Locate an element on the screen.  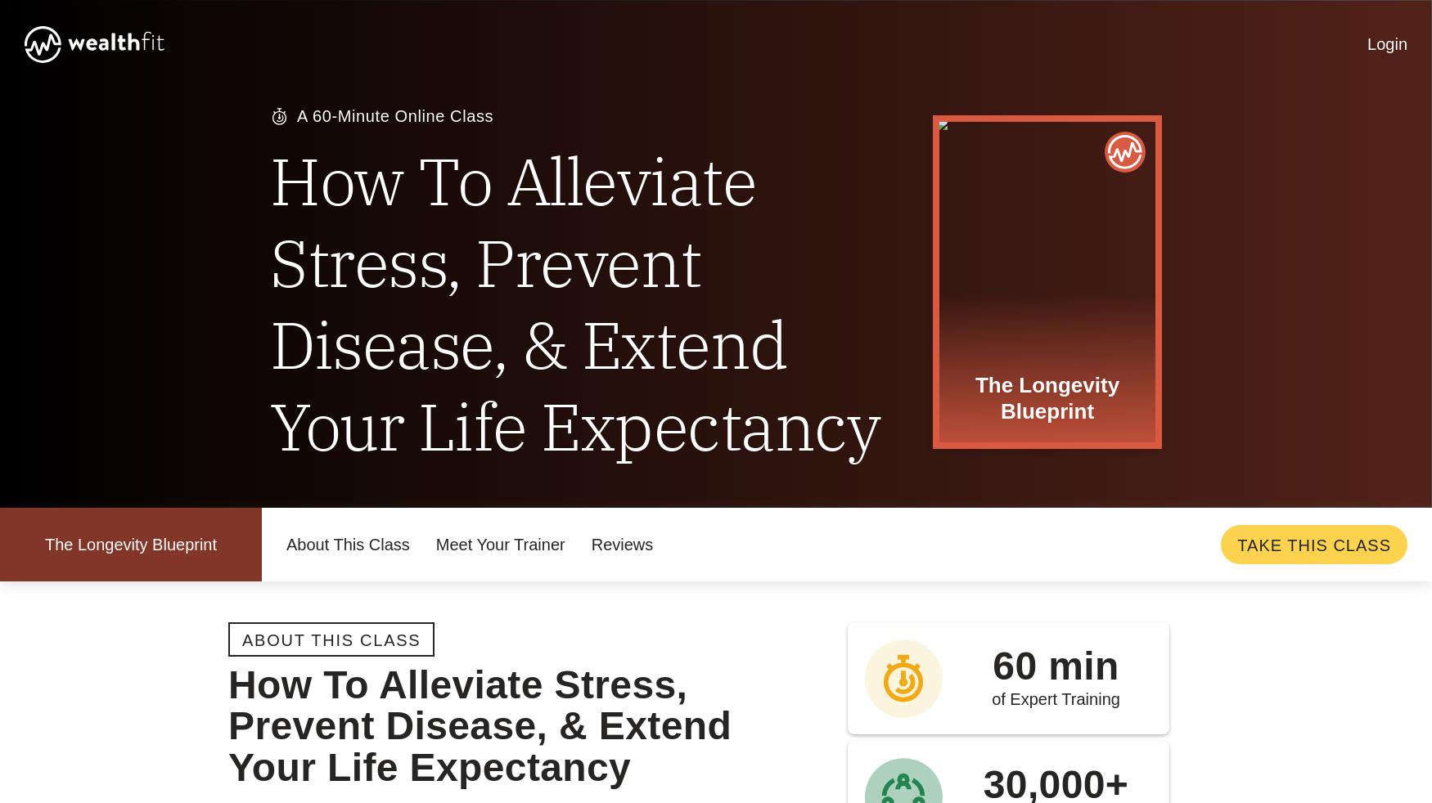
'This is an on-demand video class.  You can watch it instantly from any computer or mobile device, and you can watch it as many times as you'd like.' is located at coordinates (375, 209).